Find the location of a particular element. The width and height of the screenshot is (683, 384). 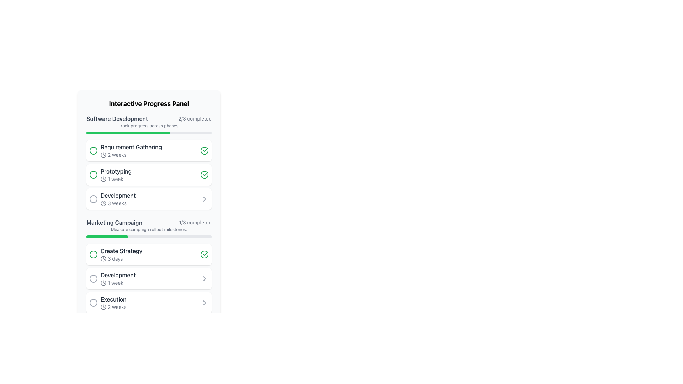

the milestone list item labeled 'Prototyping' which is the second item under the 'Software Development' section, located between 'Requirement Gathering' and 'Development' is located at coordinates (110, 175).